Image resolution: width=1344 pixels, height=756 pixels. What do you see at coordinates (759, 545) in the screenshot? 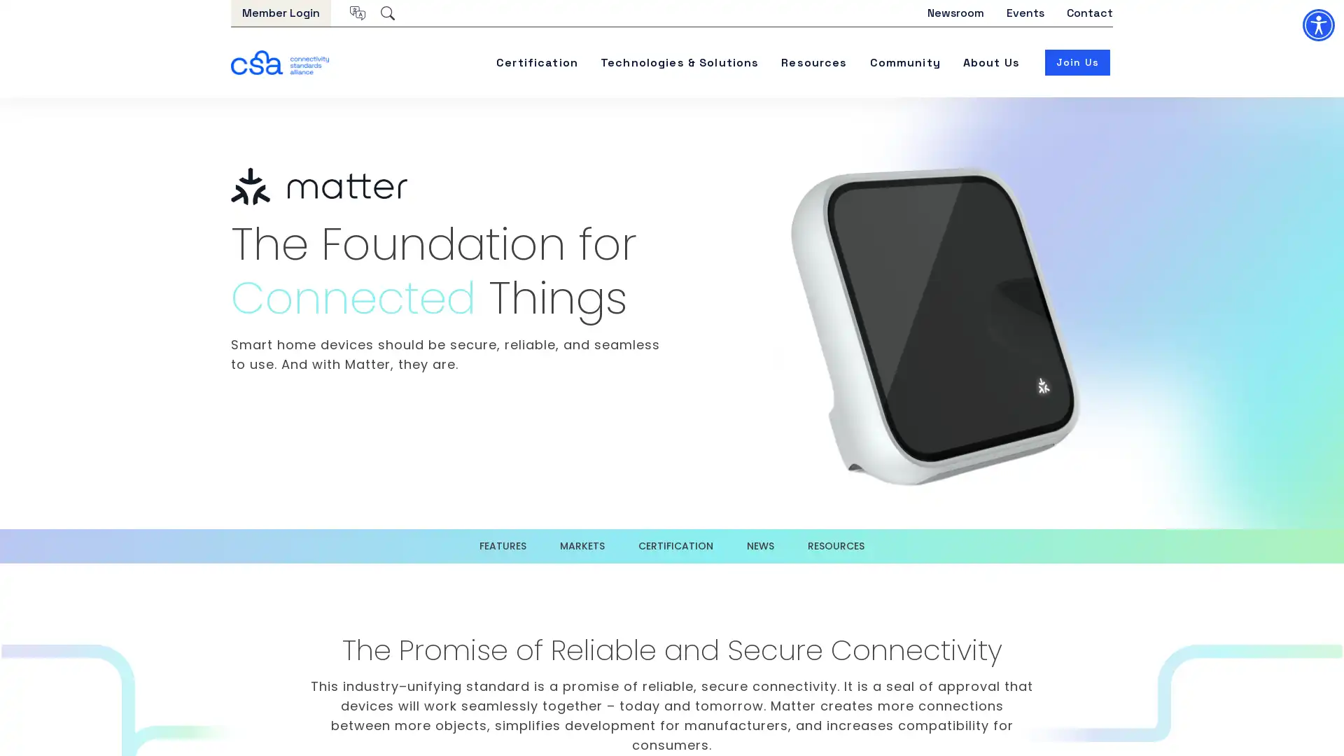
I see `NEWS` at bounding box center [759, 545].